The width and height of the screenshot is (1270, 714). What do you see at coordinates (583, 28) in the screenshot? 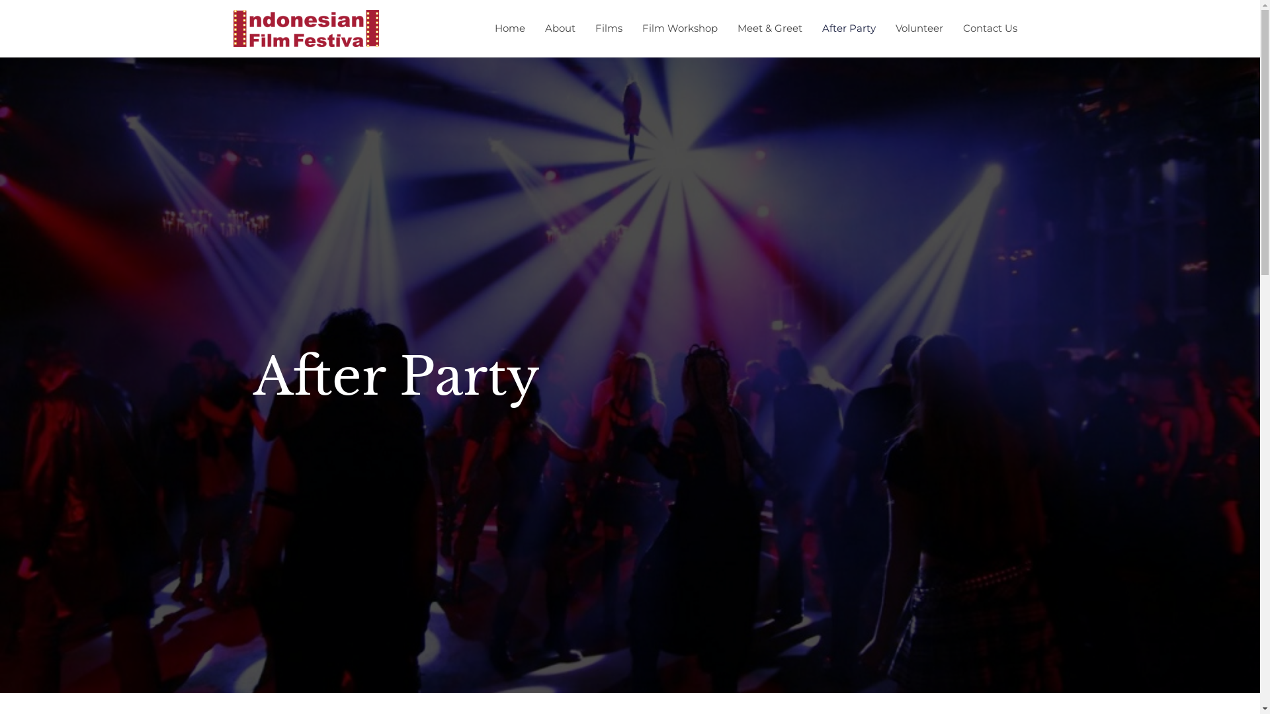
I see `'Films'` at bounding box center [583, 28].